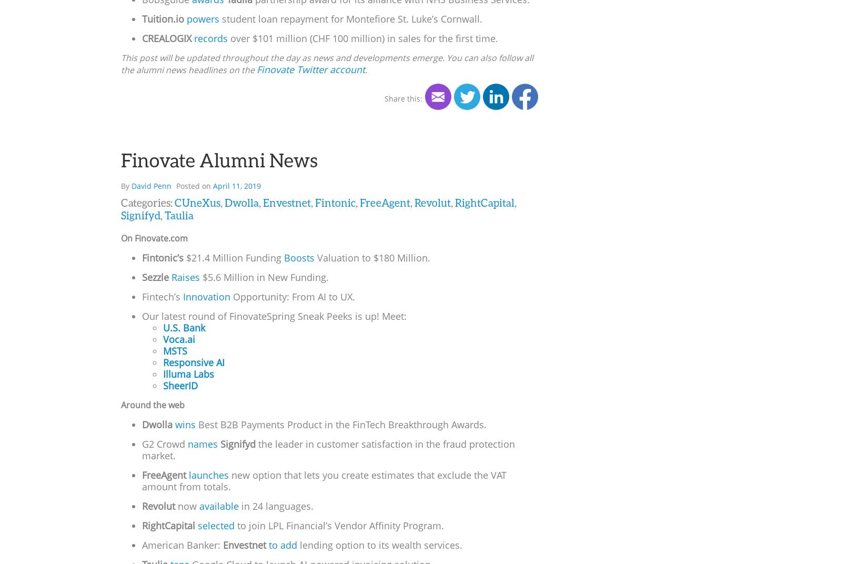  I want to click on 'to add', so click(282, 545).